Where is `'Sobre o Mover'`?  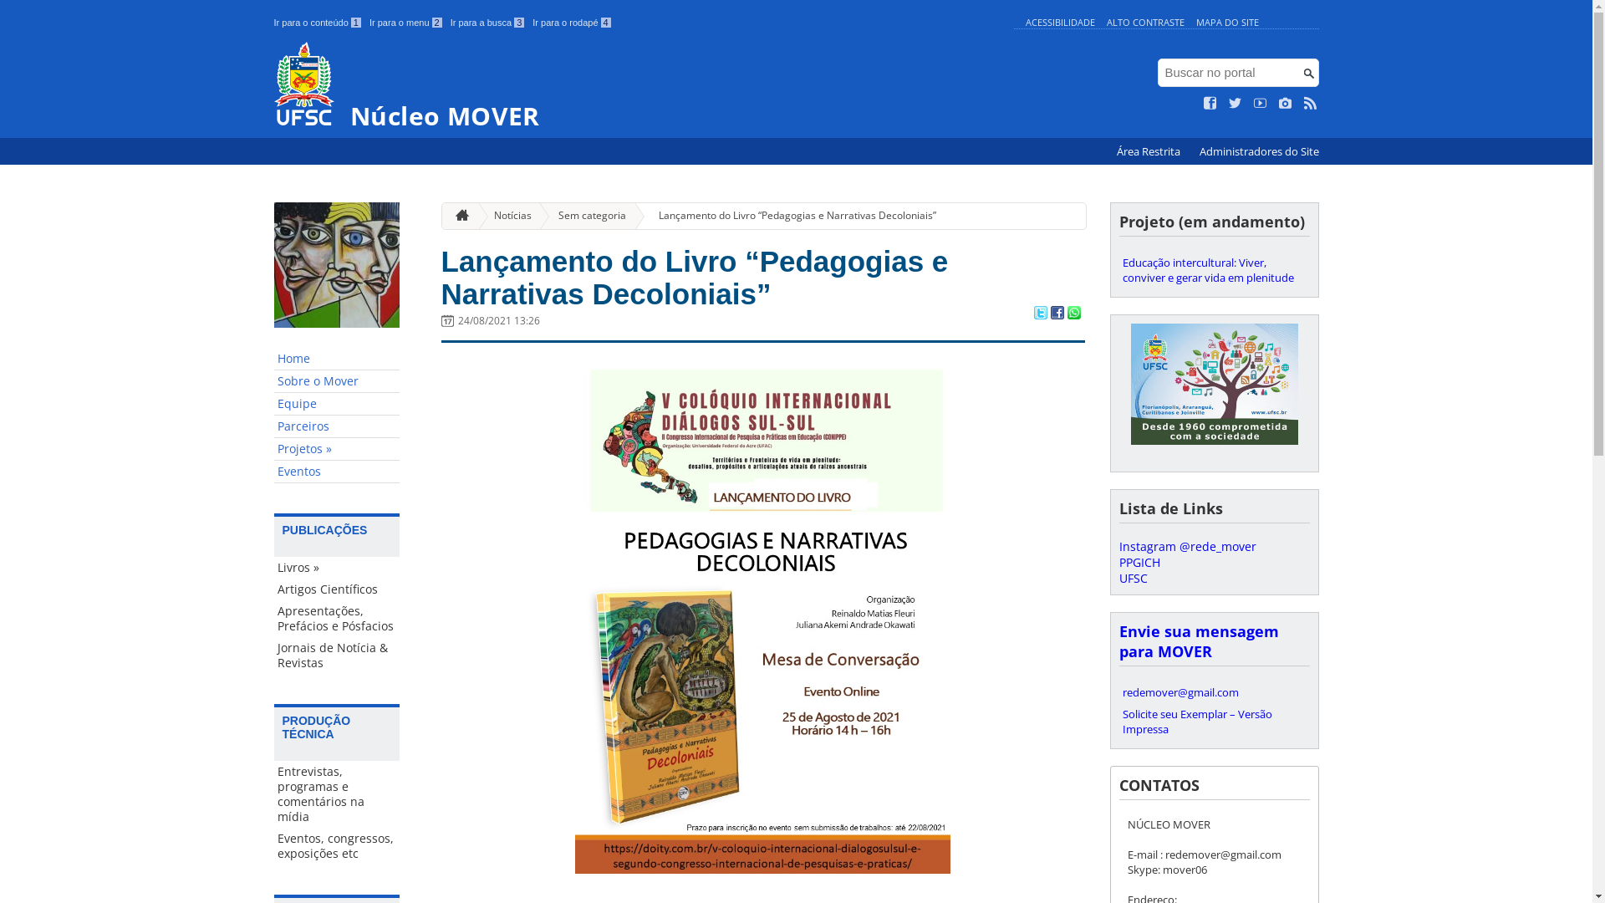 'Sobre o Mover' is located at coordinates (273, 381).